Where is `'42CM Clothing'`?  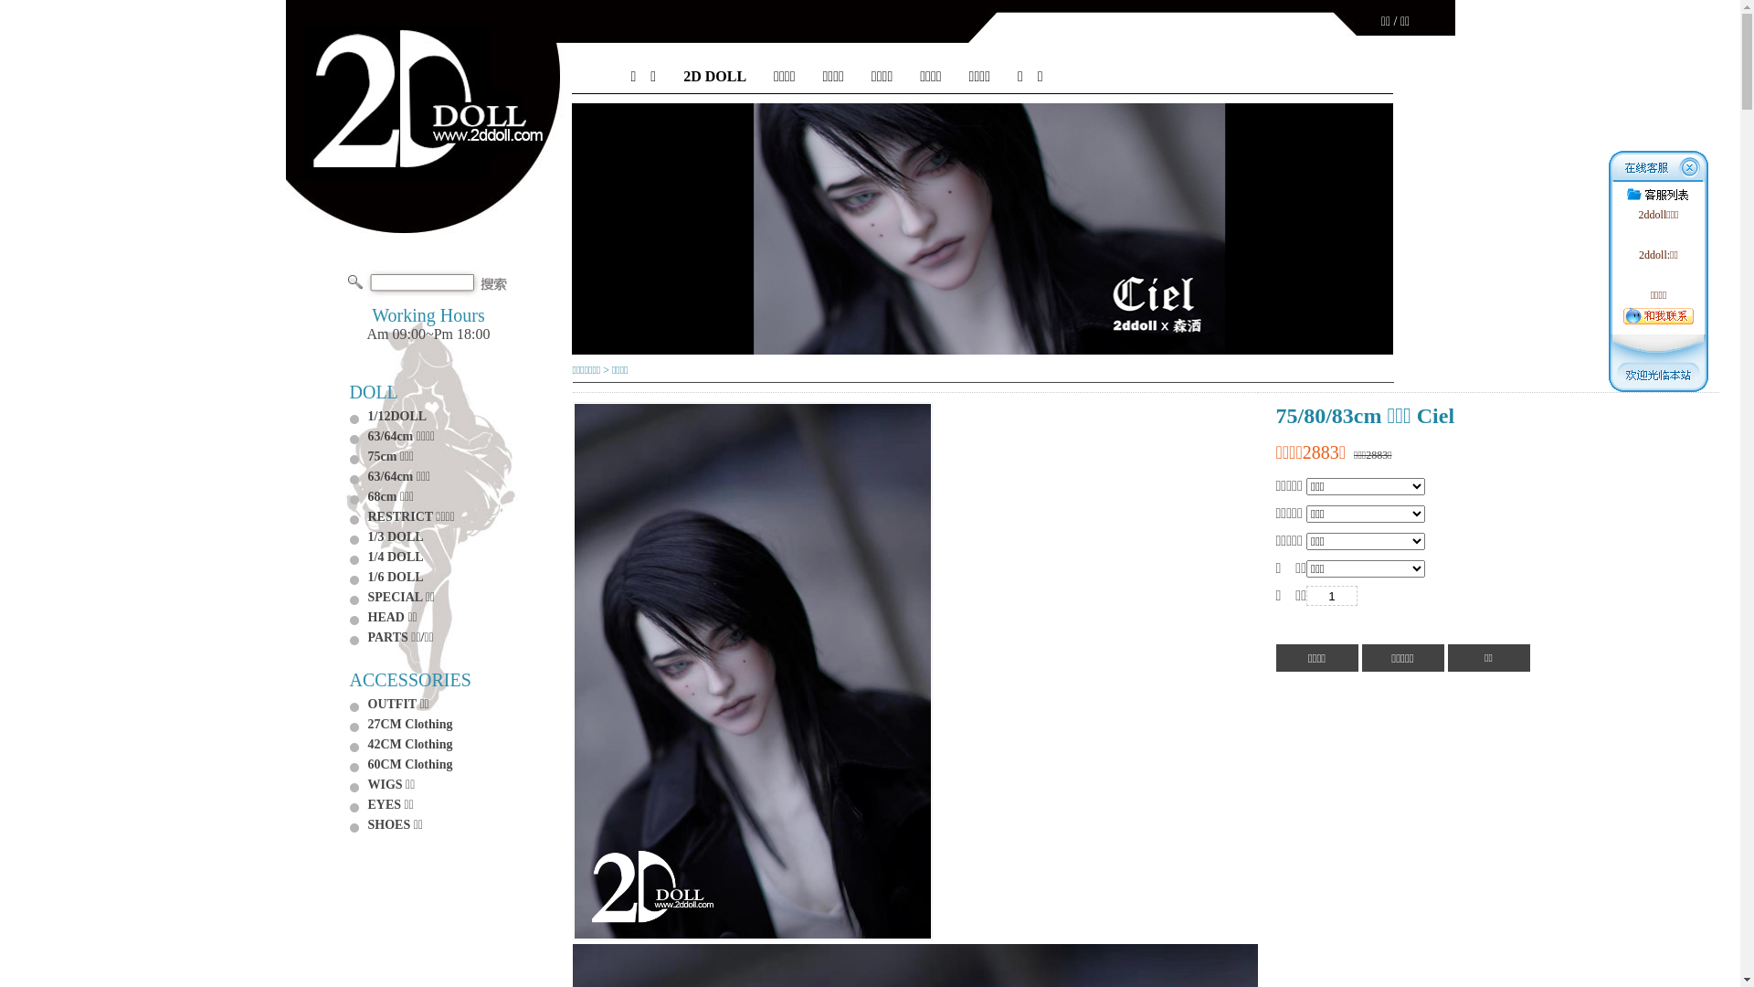 '42CM Clothing' is located at coordinates (408, 744).